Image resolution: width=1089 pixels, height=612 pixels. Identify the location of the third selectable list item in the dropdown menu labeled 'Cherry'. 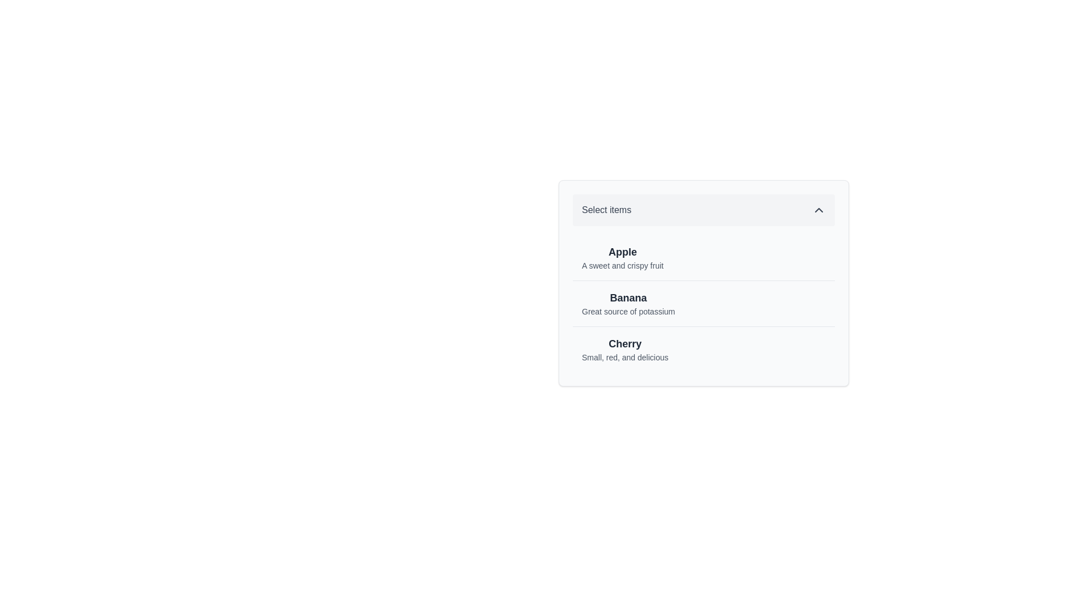
(703, 348).